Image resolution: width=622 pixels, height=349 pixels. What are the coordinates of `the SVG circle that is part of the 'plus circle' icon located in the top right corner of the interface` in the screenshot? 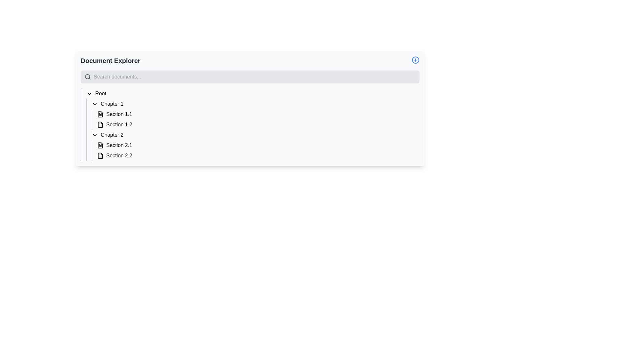 It's located at (415, 60).